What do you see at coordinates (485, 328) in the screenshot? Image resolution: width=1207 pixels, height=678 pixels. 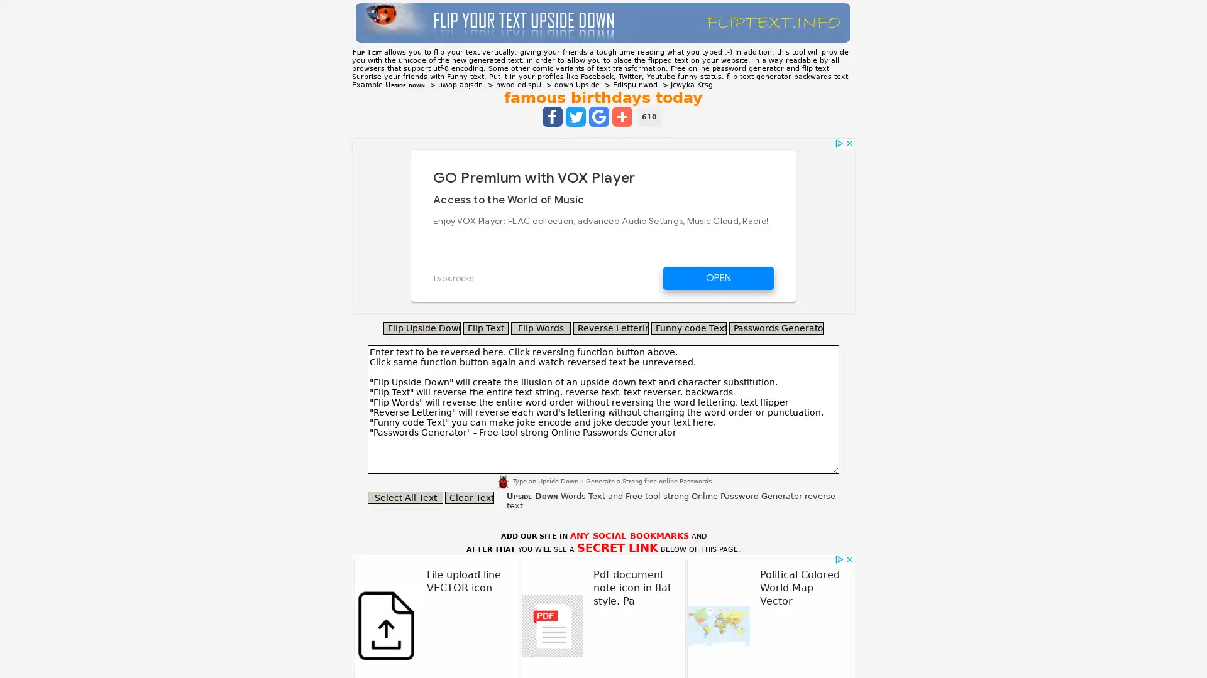 I see `Flip Text` at bounding box center [485, 328].